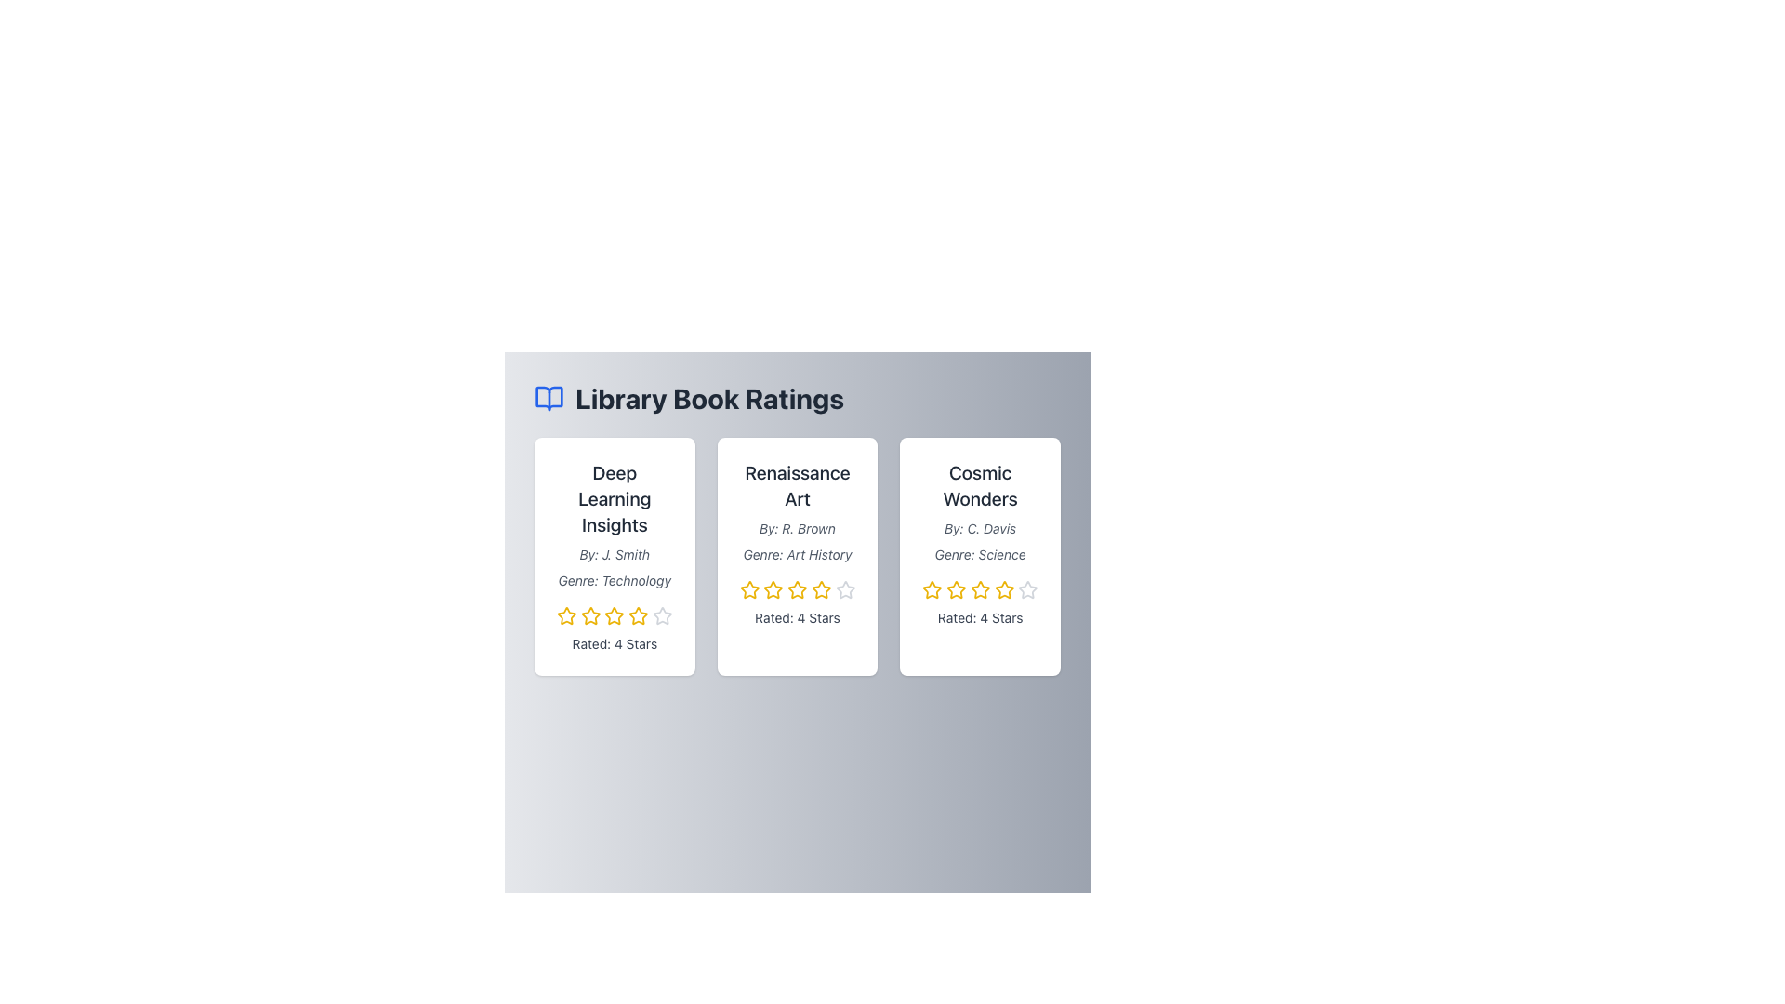 This screenshot has width=1785, height=1004. What do you see at coordinates (820, 589) in the screenshot?
I see `the third star icon of the visual rating system for the 'Renaissance Art' card, which is rated at 4 stars` at bounding box center [820, 589].